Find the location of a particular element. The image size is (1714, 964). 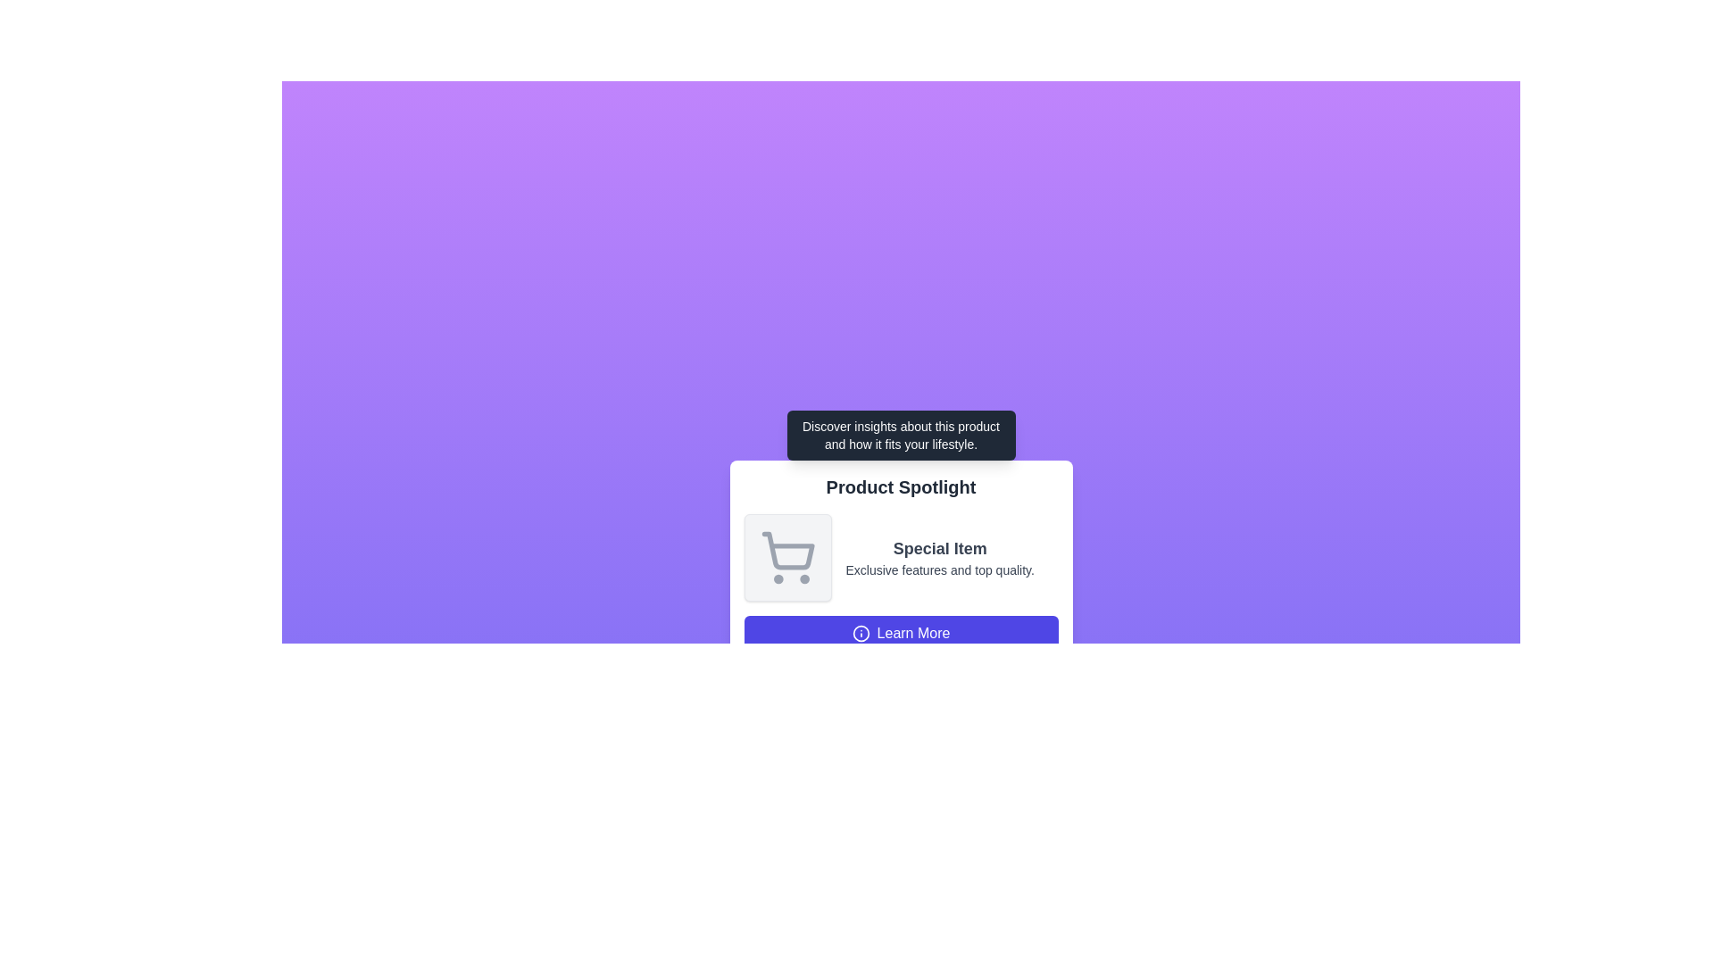

the Text Label that serves as the title or heading for the content in the white card, located beneath a black tooltip is located at coordinates (901, 487).